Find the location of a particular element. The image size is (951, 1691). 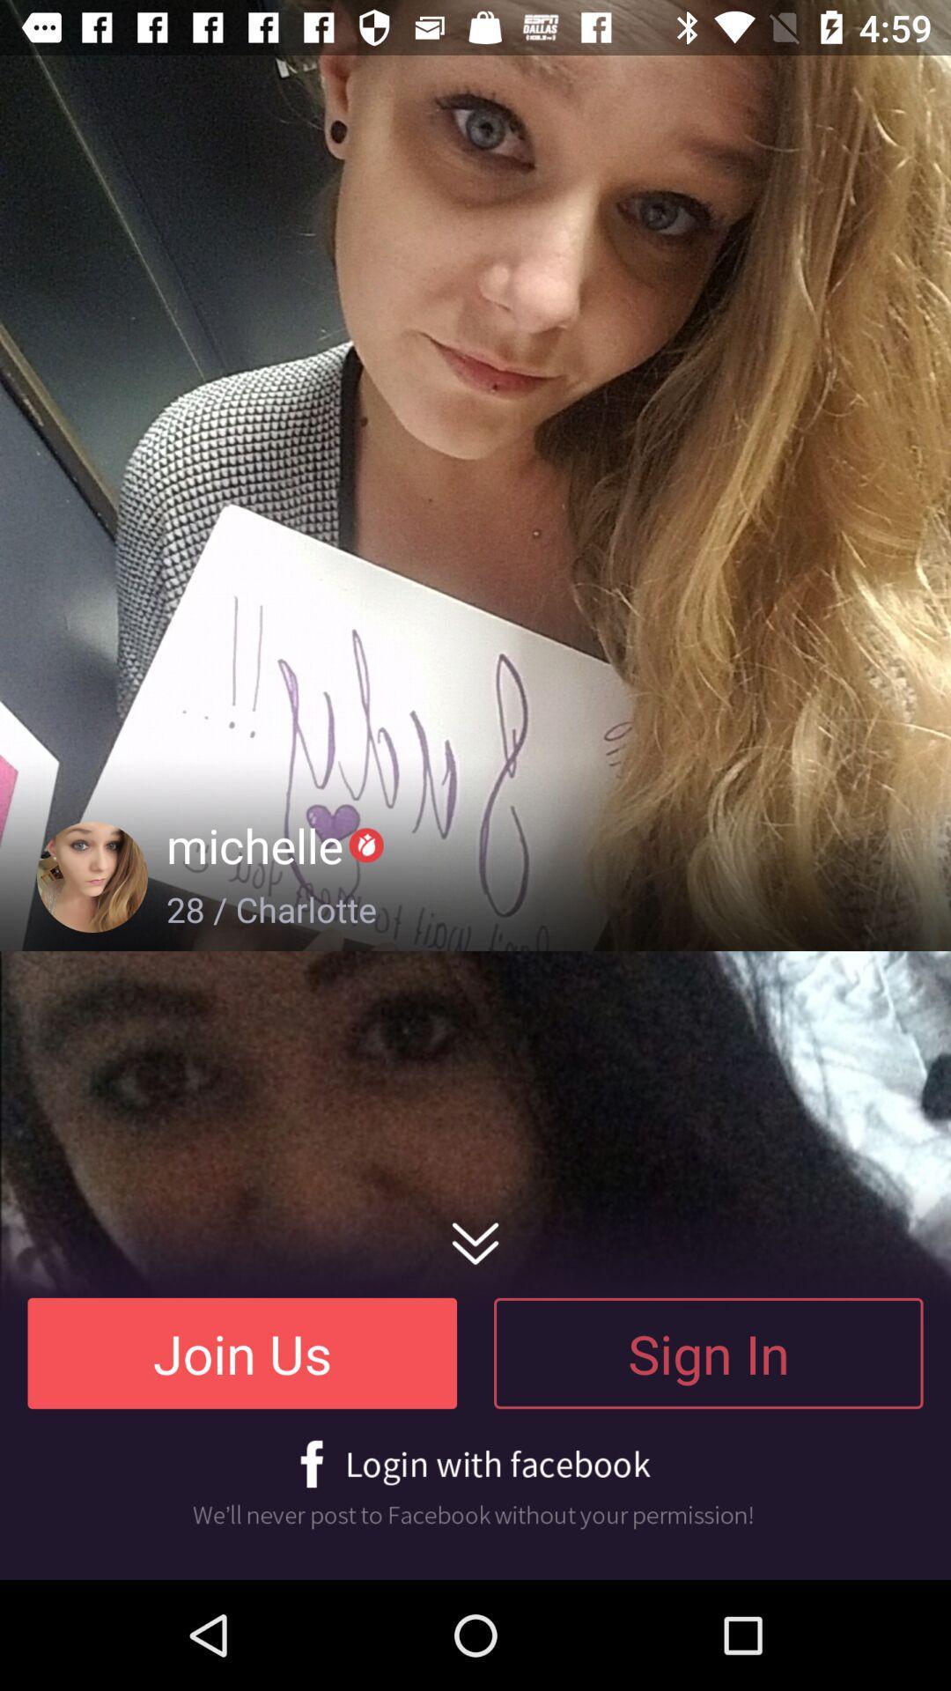

the icon at the bottom left corner is located at coordinates (242, 1352).